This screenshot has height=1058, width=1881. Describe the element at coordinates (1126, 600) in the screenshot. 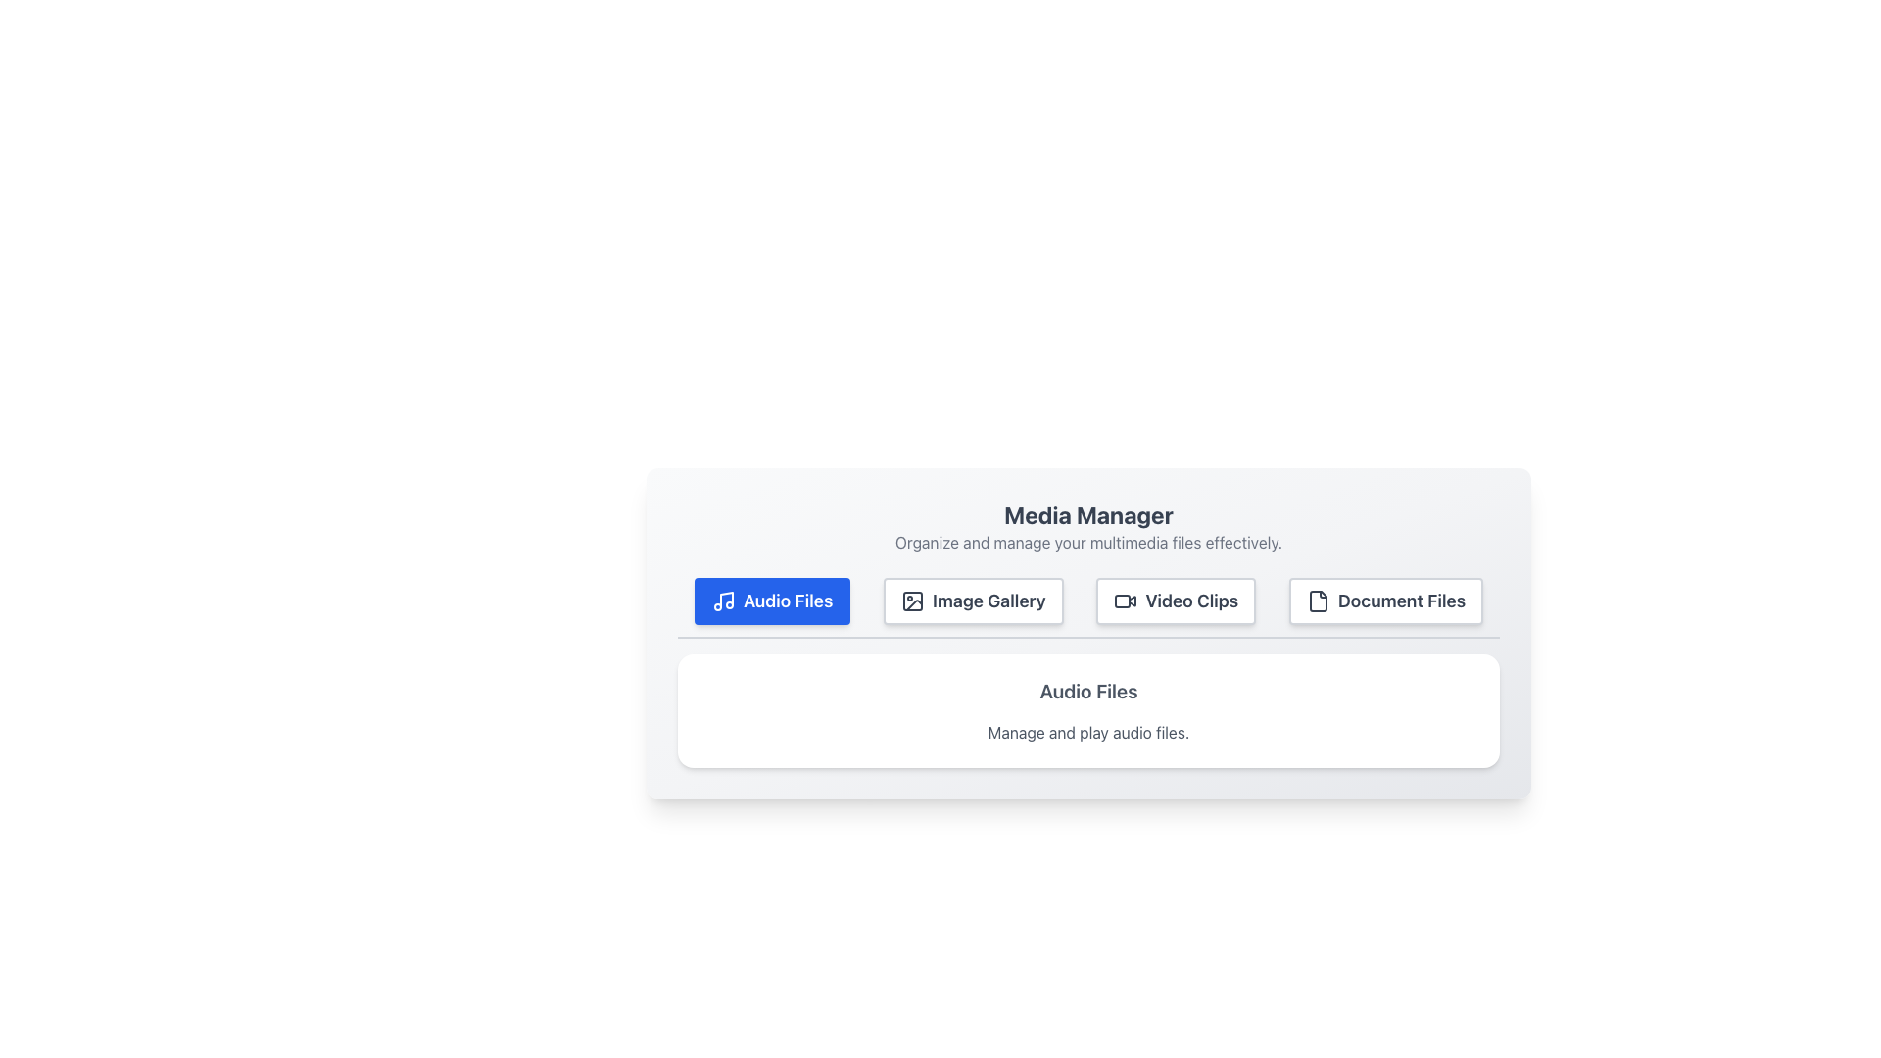

I see `the video camera icon, which is part of the 'Video Clips' button located under the 'Media Manager' heading` at that location.